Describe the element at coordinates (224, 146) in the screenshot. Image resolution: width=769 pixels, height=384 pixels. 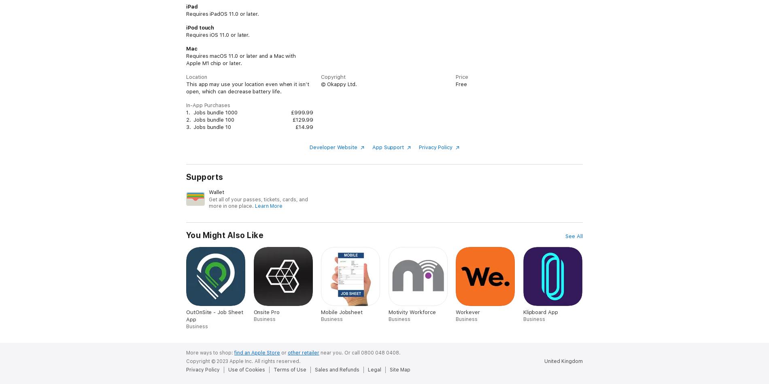
I see `'- Monitor outstanding invoices'` at that location.